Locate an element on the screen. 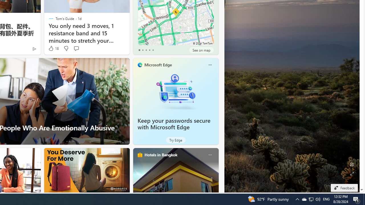 Image resolution: width=365 pixels, height=205 pixels. 'hotels-header-icon' is located at coordinates (140, 155).